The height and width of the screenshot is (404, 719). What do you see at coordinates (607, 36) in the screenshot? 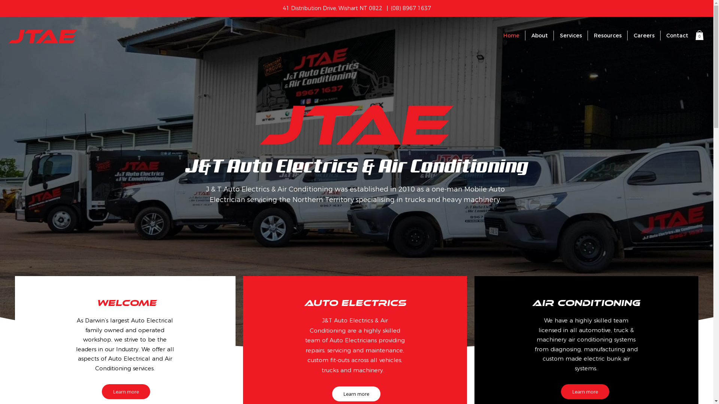
I see `'Resources'` at bounding box center [607, 36].